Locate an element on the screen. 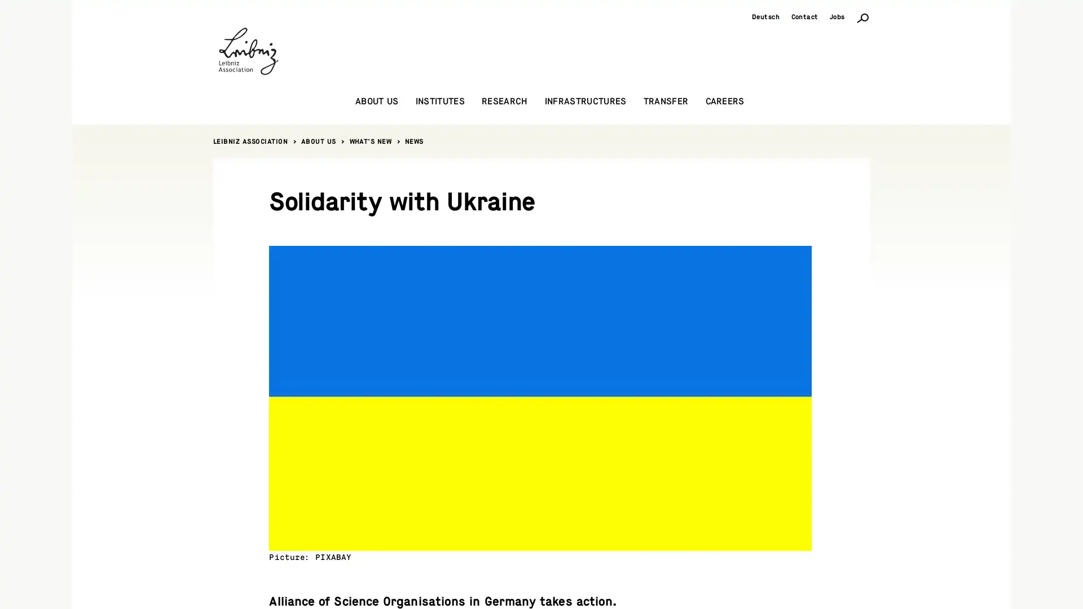 This screenshot has width=1083, height=609. ABOUT US is located at coordinates (376, 101).